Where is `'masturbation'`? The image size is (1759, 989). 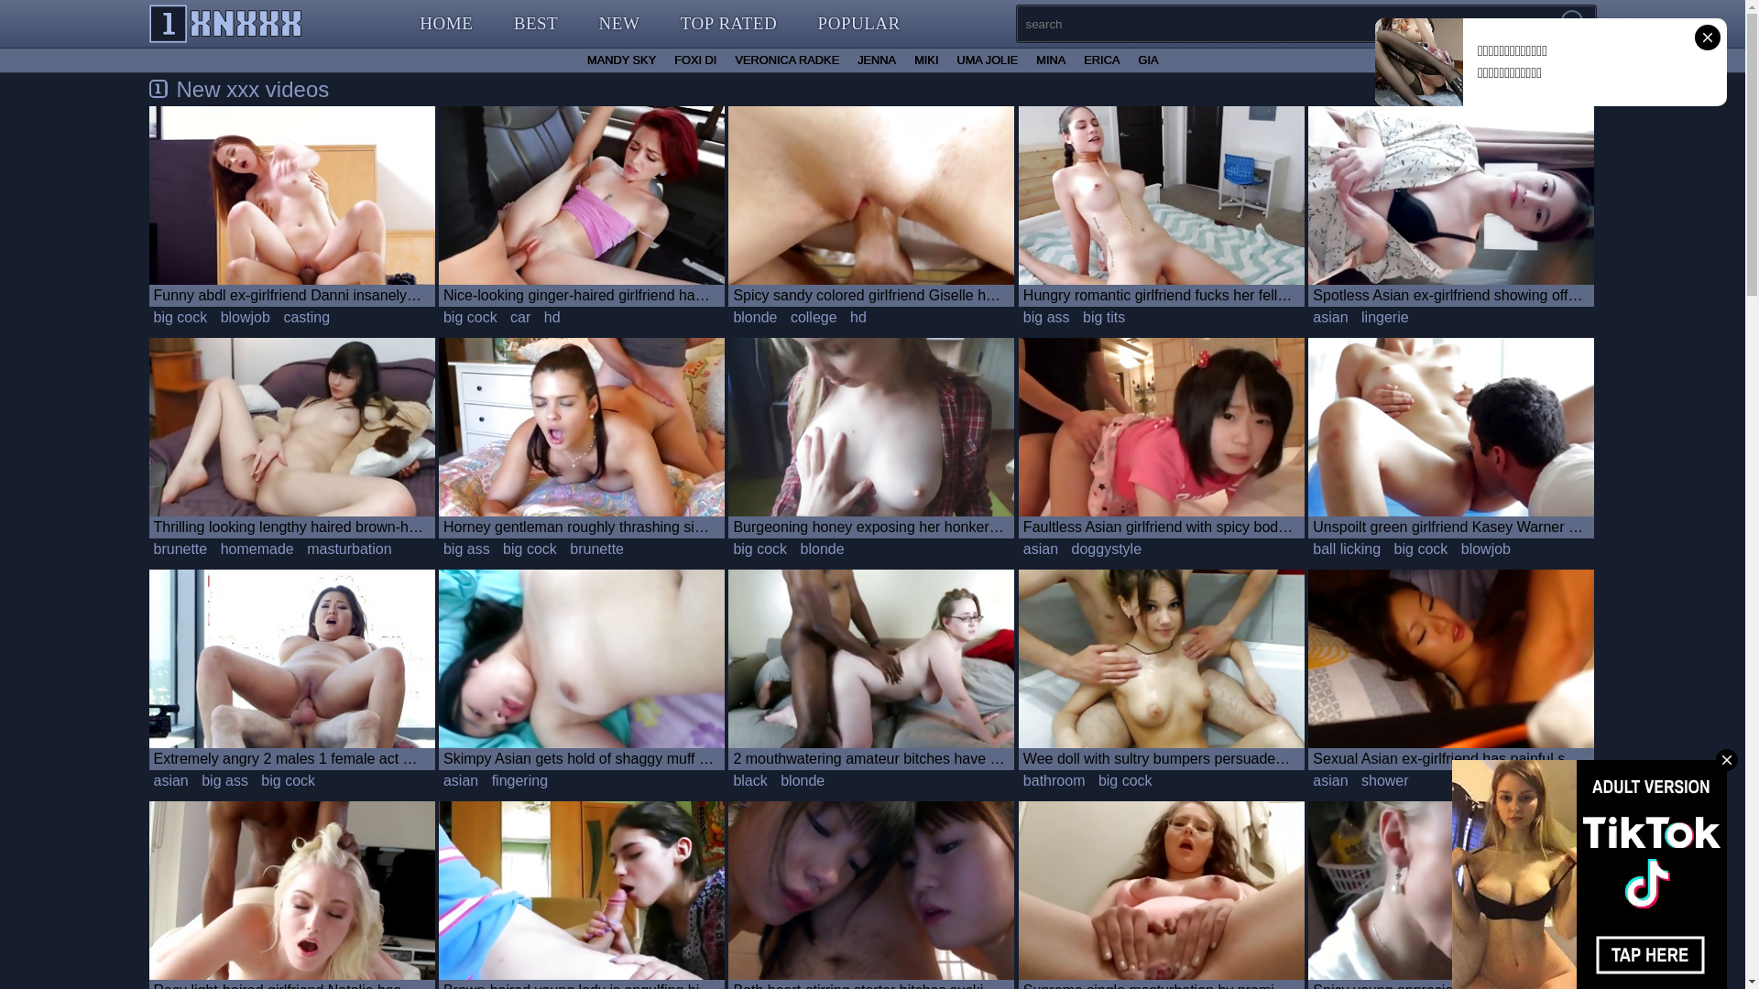
'masturbation' is located at coordinates (349, 549).